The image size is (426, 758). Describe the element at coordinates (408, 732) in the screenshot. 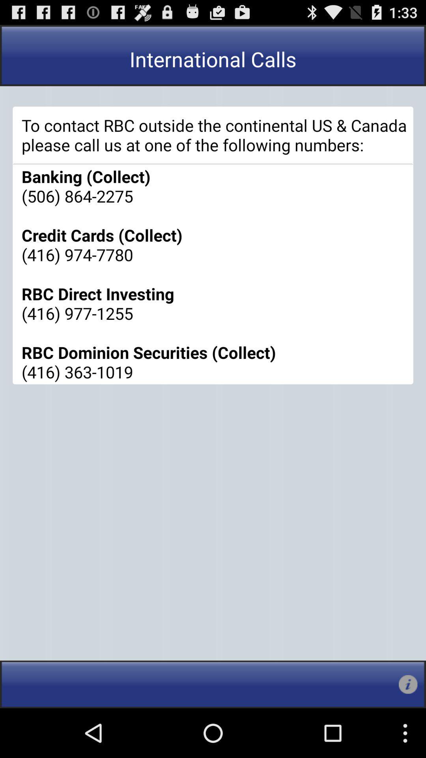

I see `the info icon` at that location.